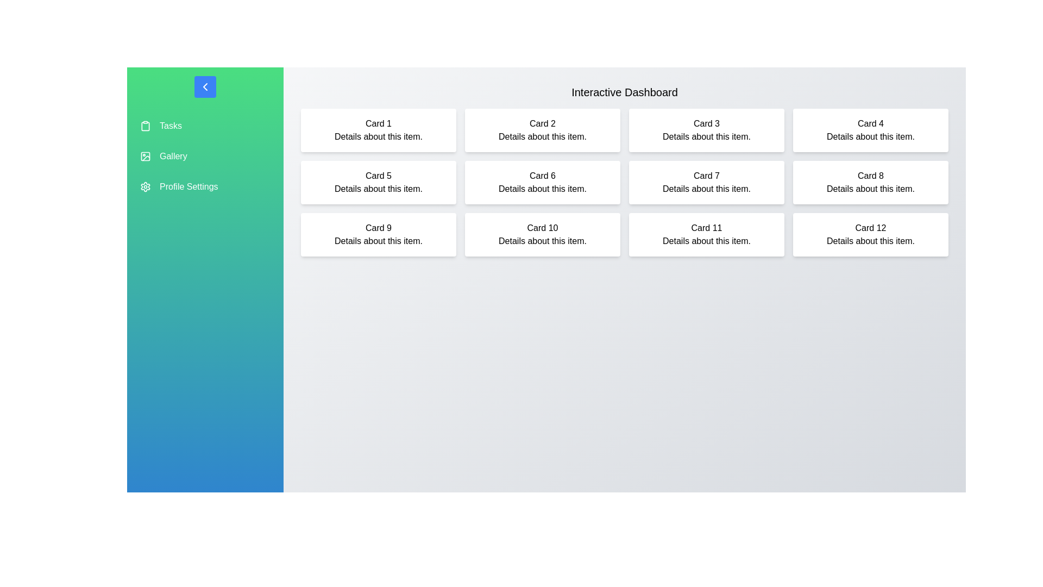  What do you see at coordinates (205, 86) in the screenshot?
I see `toggle button to change the drawer's open/close state` at bounding box center [205, 86].